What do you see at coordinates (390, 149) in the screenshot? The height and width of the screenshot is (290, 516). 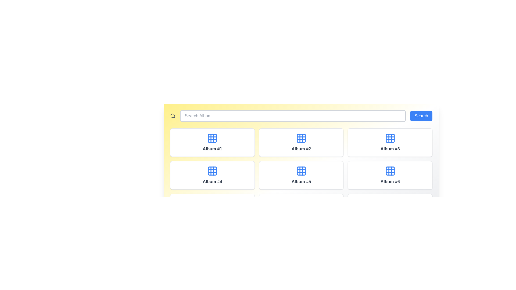 I see `text label displaying 'Album #3', which is a bold dark gray label centered below a grid-like icon in a grid layout` at bounding box center [390, 149].